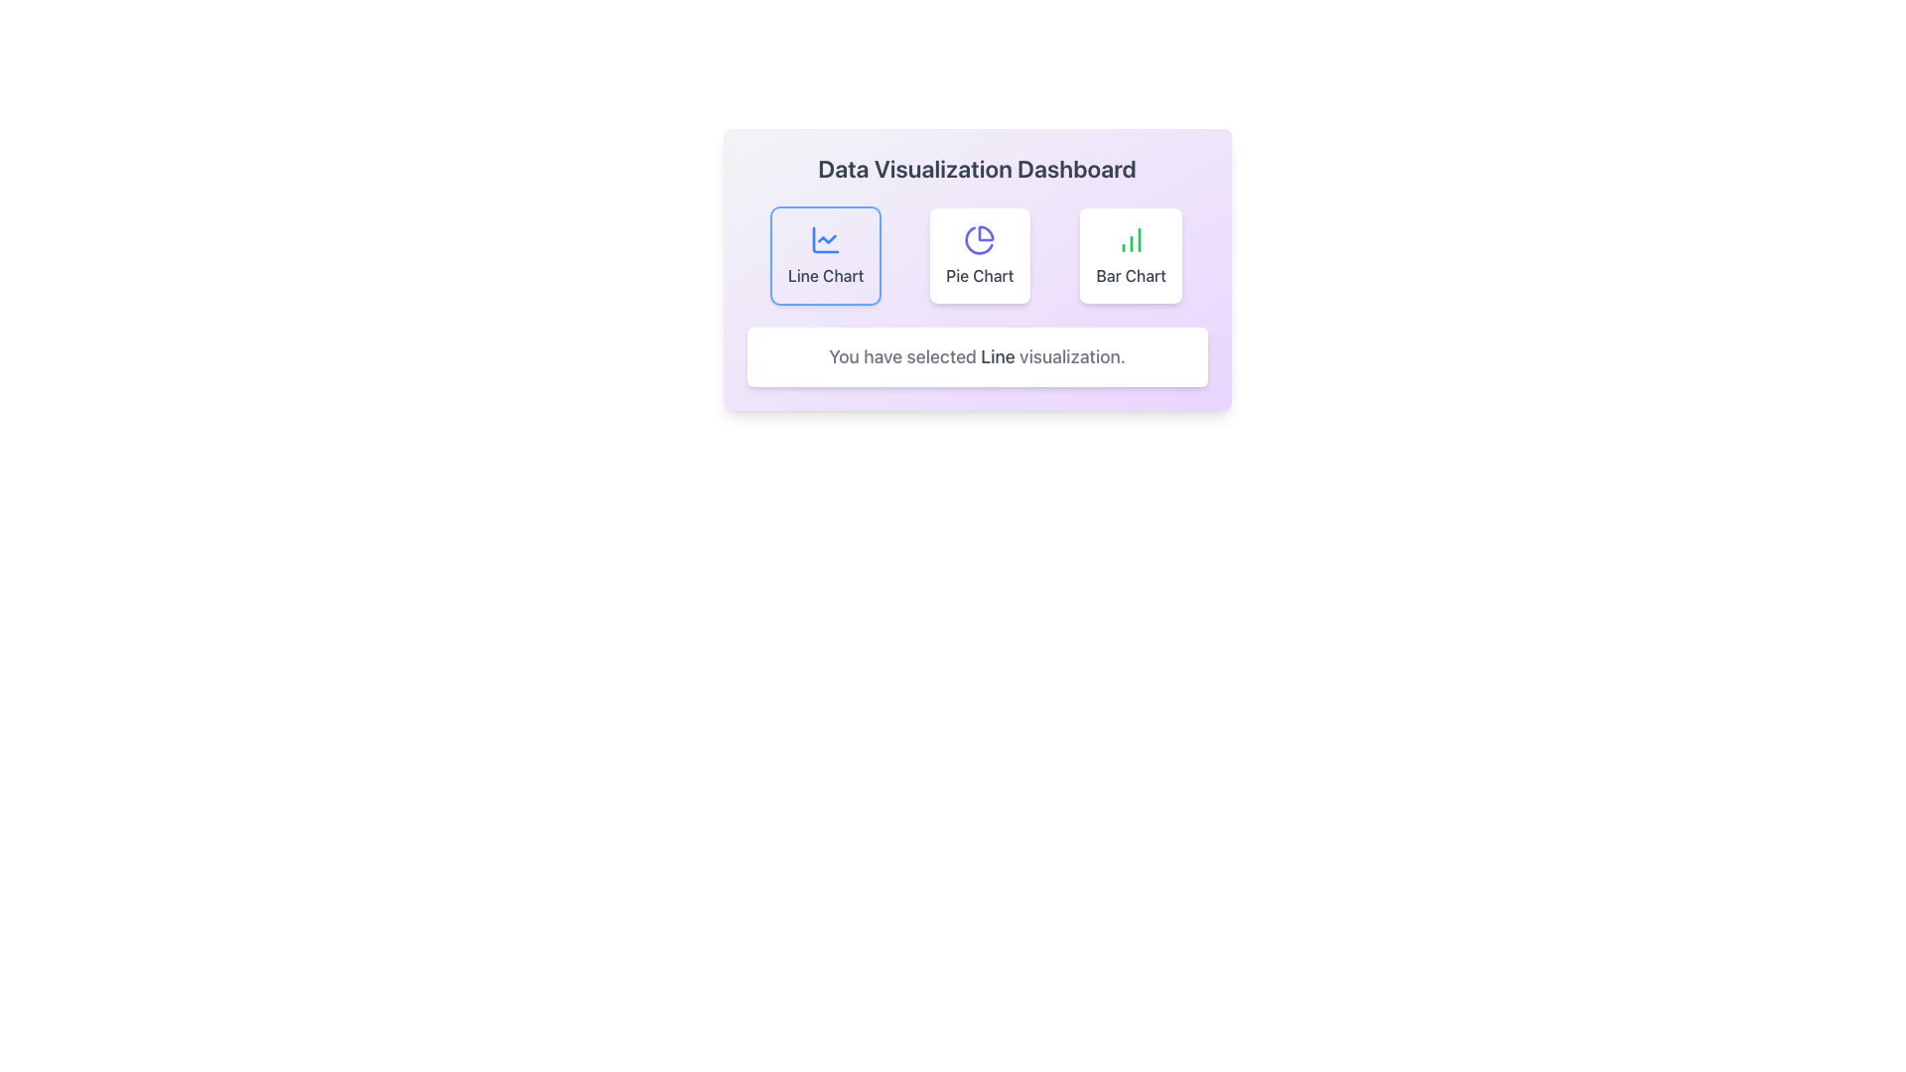 The width and height of the screenshot is (1906, 1072). Describe the element at coordinates (825, 255) in the screenshot. I see `the 'Line Chart' option button, which is a rectangular card featuring a blue line chart icon and the label 'Line Chart' below it, positioned as the first element in a horizontal row of chart options` at that location.